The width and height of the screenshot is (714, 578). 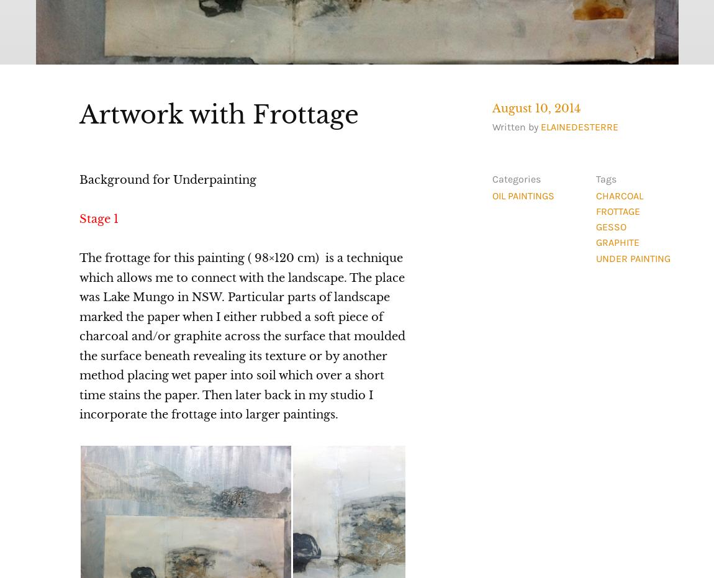 I want to click on 'gesso', so click(x=595, y=227).